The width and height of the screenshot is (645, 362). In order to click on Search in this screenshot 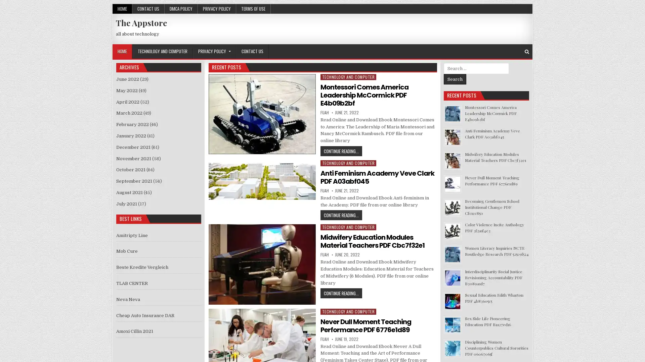, I will do `click(455, 79)`.